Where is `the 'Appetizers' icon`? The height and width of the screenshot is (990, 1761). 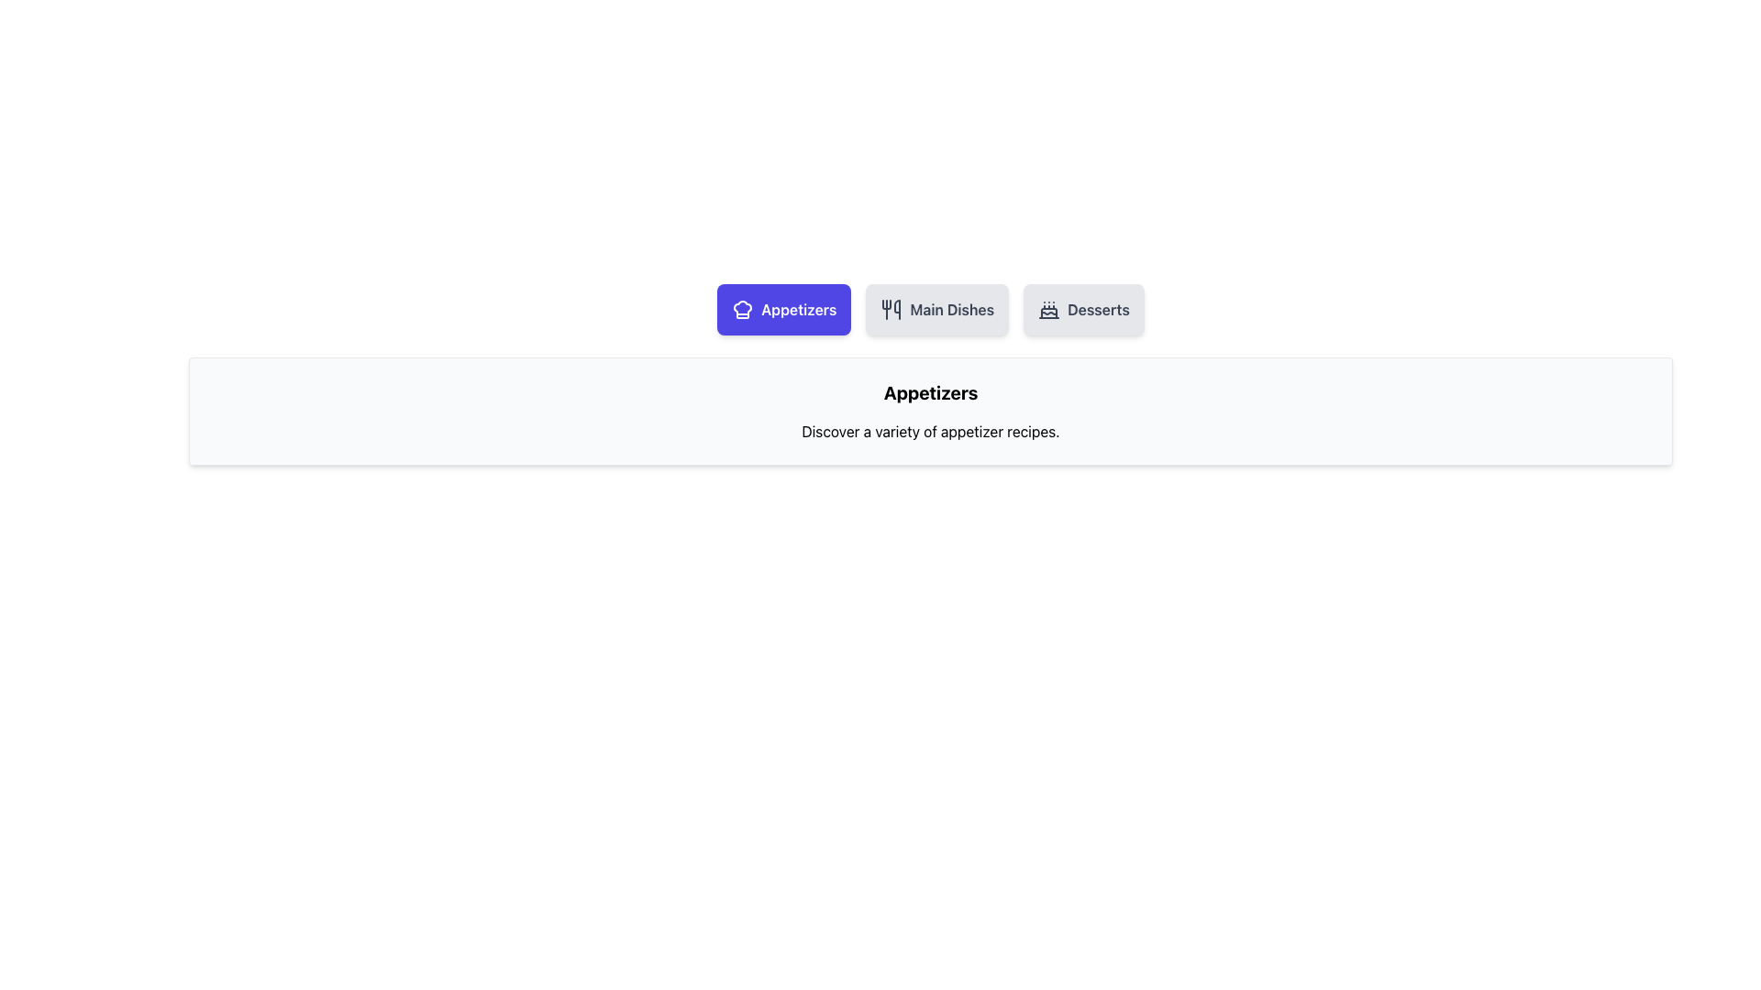 the 'Appetizers' icon is located at coordinates (743, 309).